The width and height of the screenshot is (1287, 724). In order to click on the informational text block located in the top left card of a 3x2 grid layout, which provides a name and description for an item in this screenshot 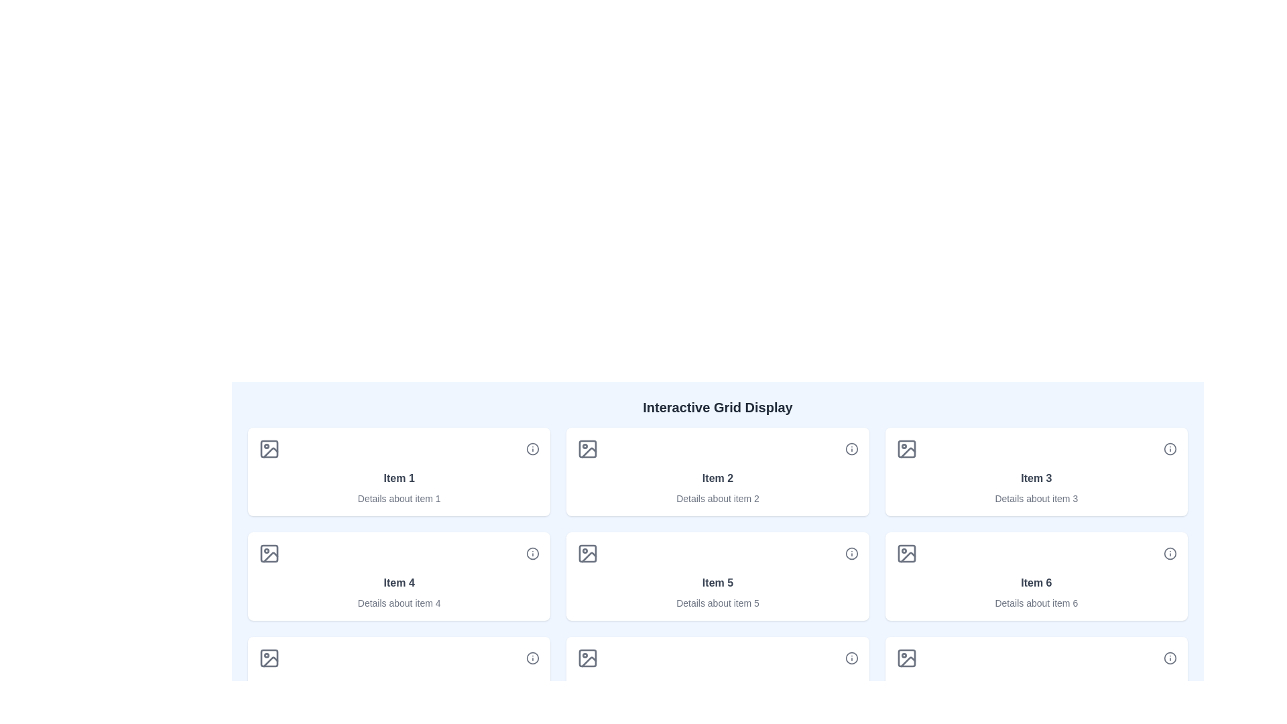, I will do `click(398, 488)`.